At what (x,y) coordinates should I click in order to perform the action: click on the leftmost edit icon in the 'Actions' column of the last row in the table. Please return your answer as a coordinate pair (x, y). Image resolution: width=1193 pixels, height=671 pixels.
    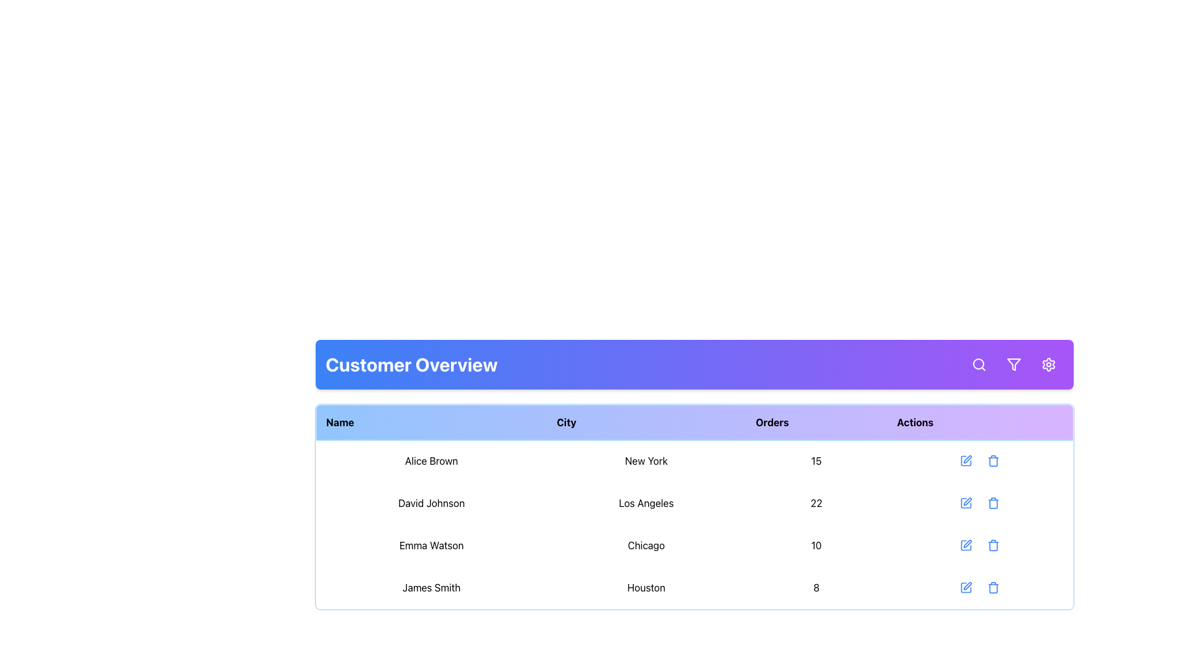
    Looking at the image, I should click on (966, 587).